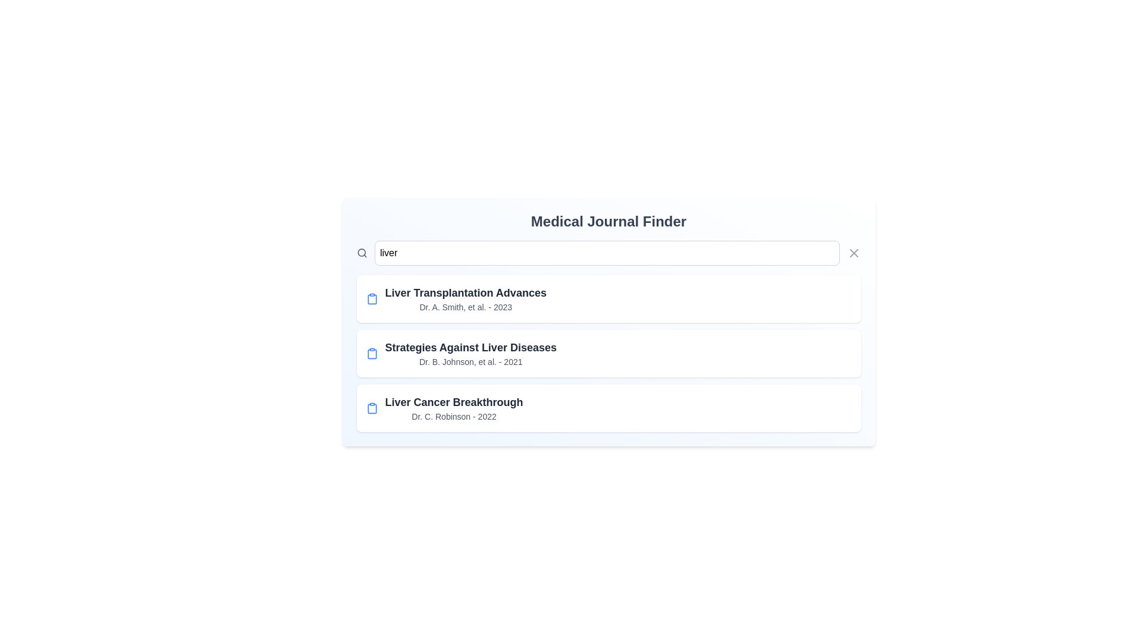  What do you see at coordinates (453, 407) in the screenshot?
I see `the text block displaying the title and author details of a medical journal entry` at bounding box center [453, 407].